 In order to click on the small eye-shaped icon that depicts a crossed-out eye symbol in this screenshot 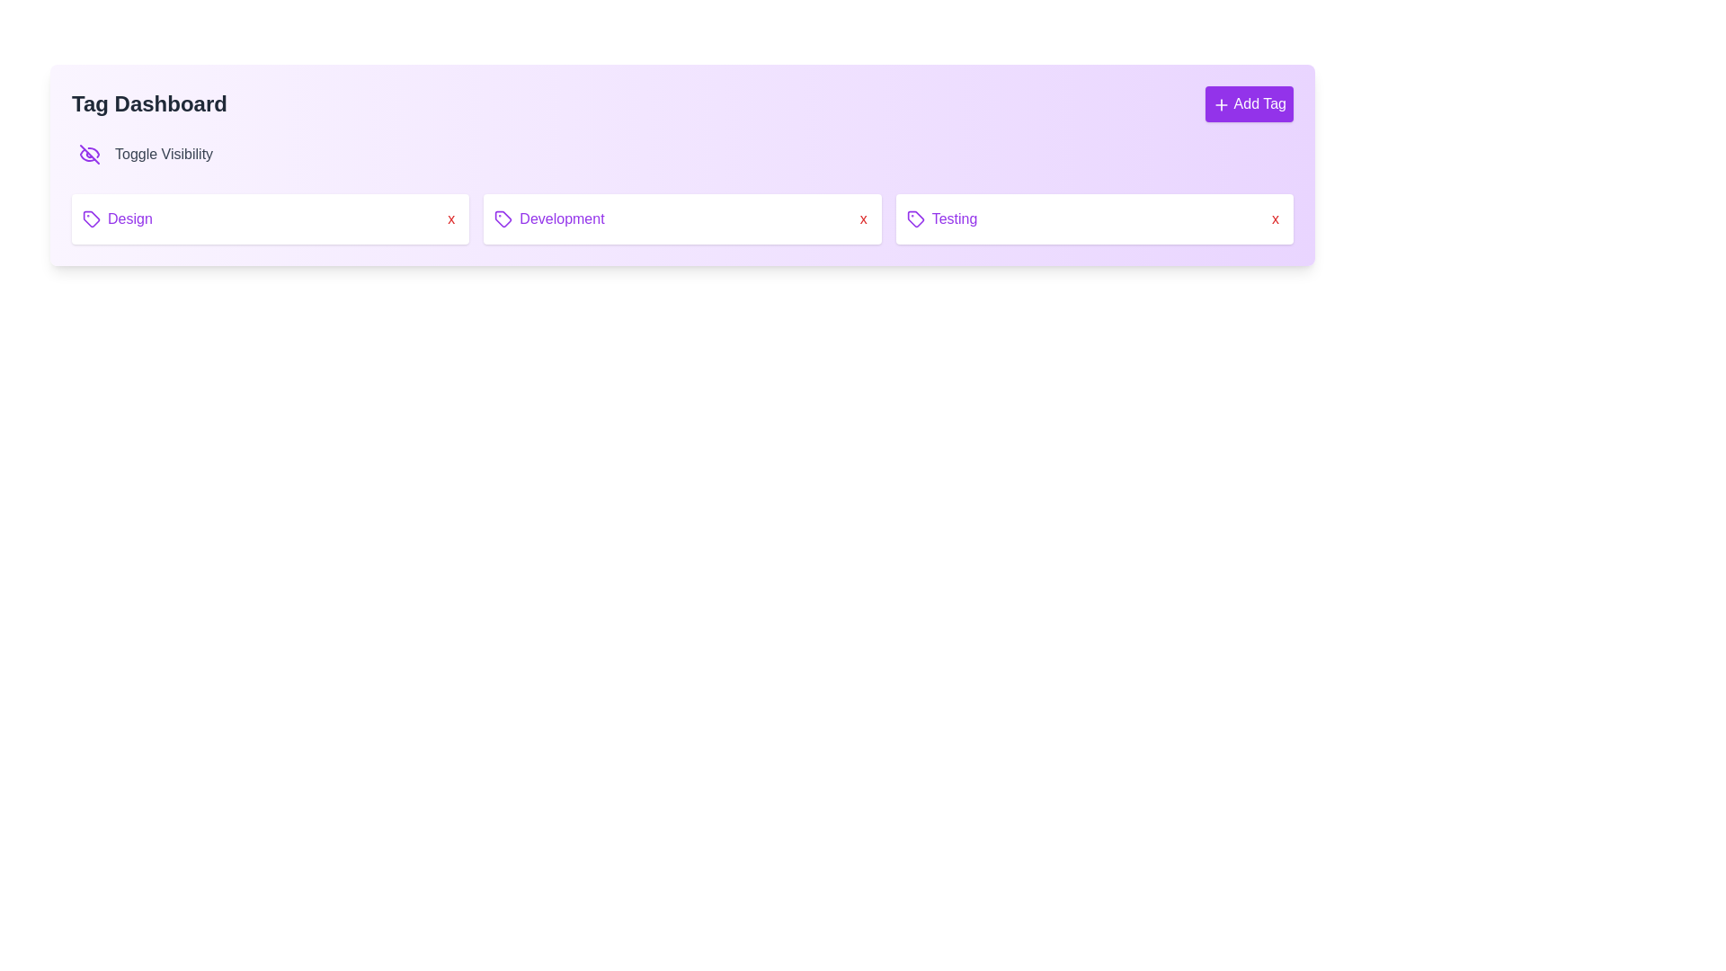, I will do `click(89, 154)`.